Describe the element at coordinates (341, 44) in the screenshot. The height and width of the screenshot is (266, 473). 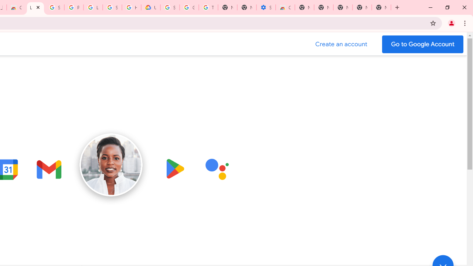
I see `'Create a Google Account'` at that location.